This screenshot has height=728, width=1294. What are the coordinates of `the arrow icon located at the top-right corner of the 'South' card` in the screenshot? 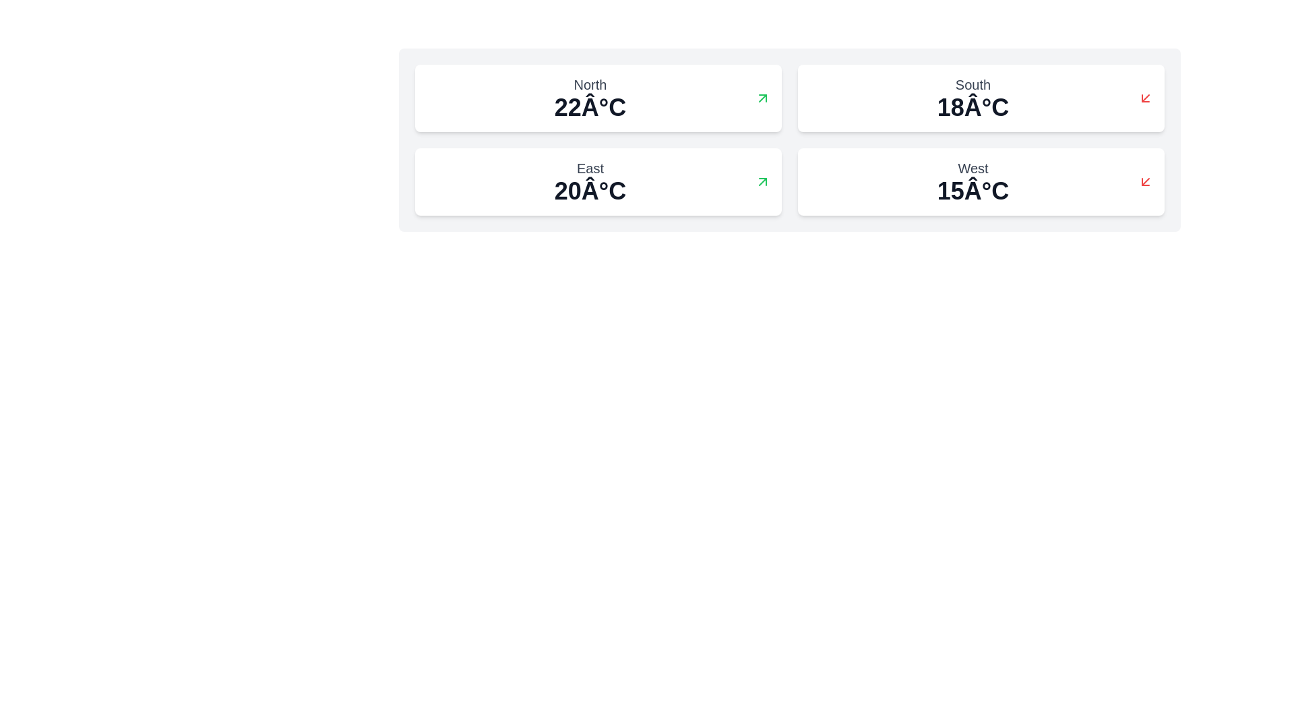 It's located at (1144, 98).